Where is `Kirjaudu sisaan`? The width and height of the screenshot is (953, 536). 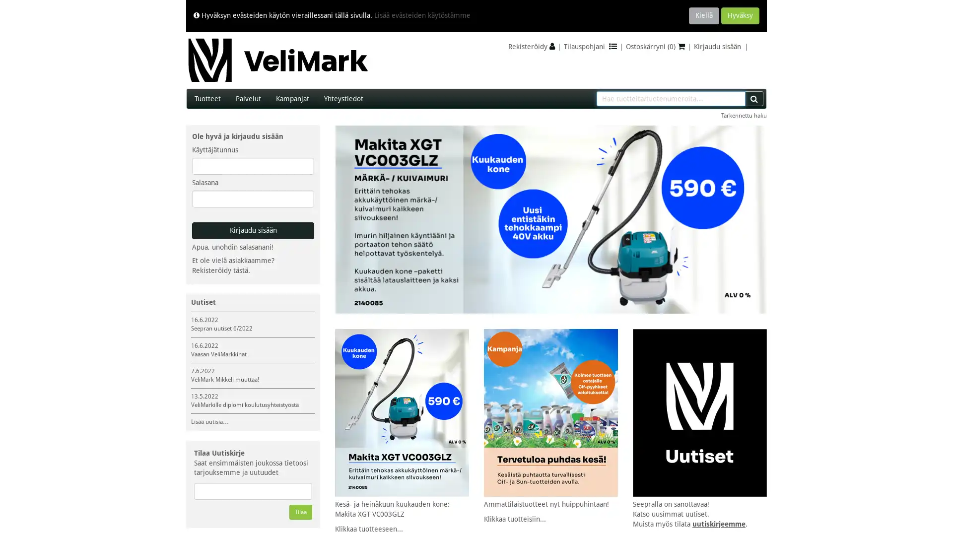
Kirjaudu sisaan is located at coordinates (253, 231).